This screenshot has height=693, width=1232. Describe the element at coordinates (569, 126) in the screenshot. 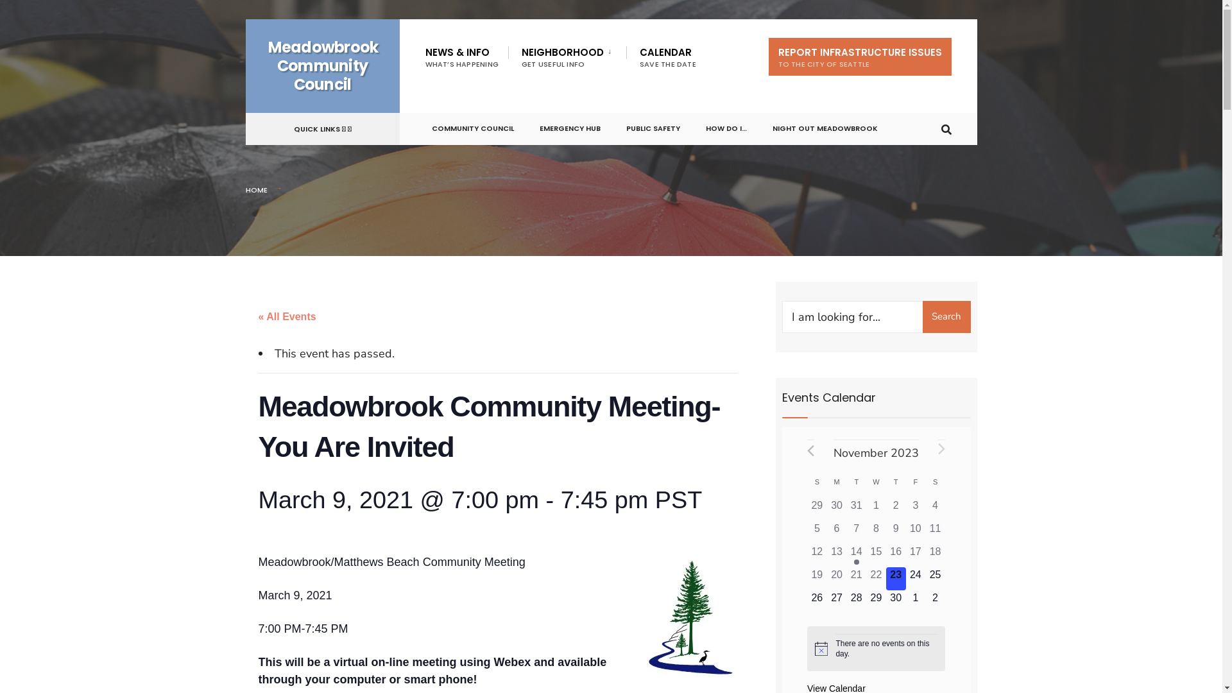

I see `'EMERGENCY HUB'` at that location.